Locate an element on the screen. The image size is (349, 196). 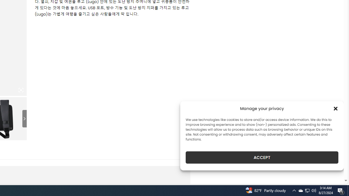
'ACCEPT' is located at coordinates (262, 157).